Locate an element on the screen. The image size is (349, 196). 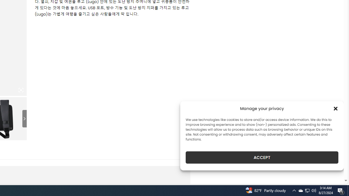
'ACCEPT' is located at coordinates (262, 157).